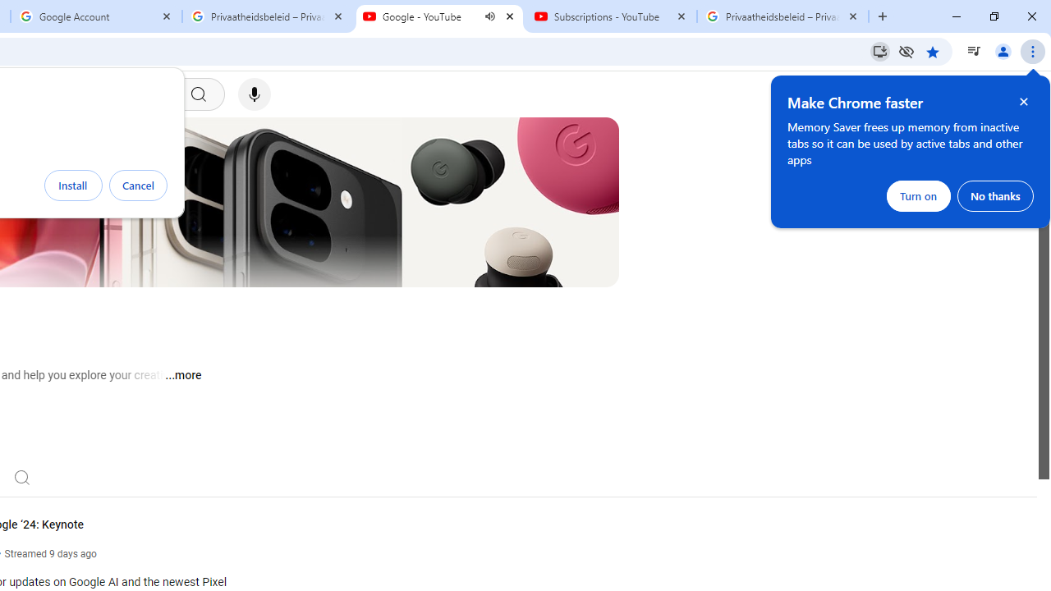  I want to click on 'Cancel', so click(138, 185).